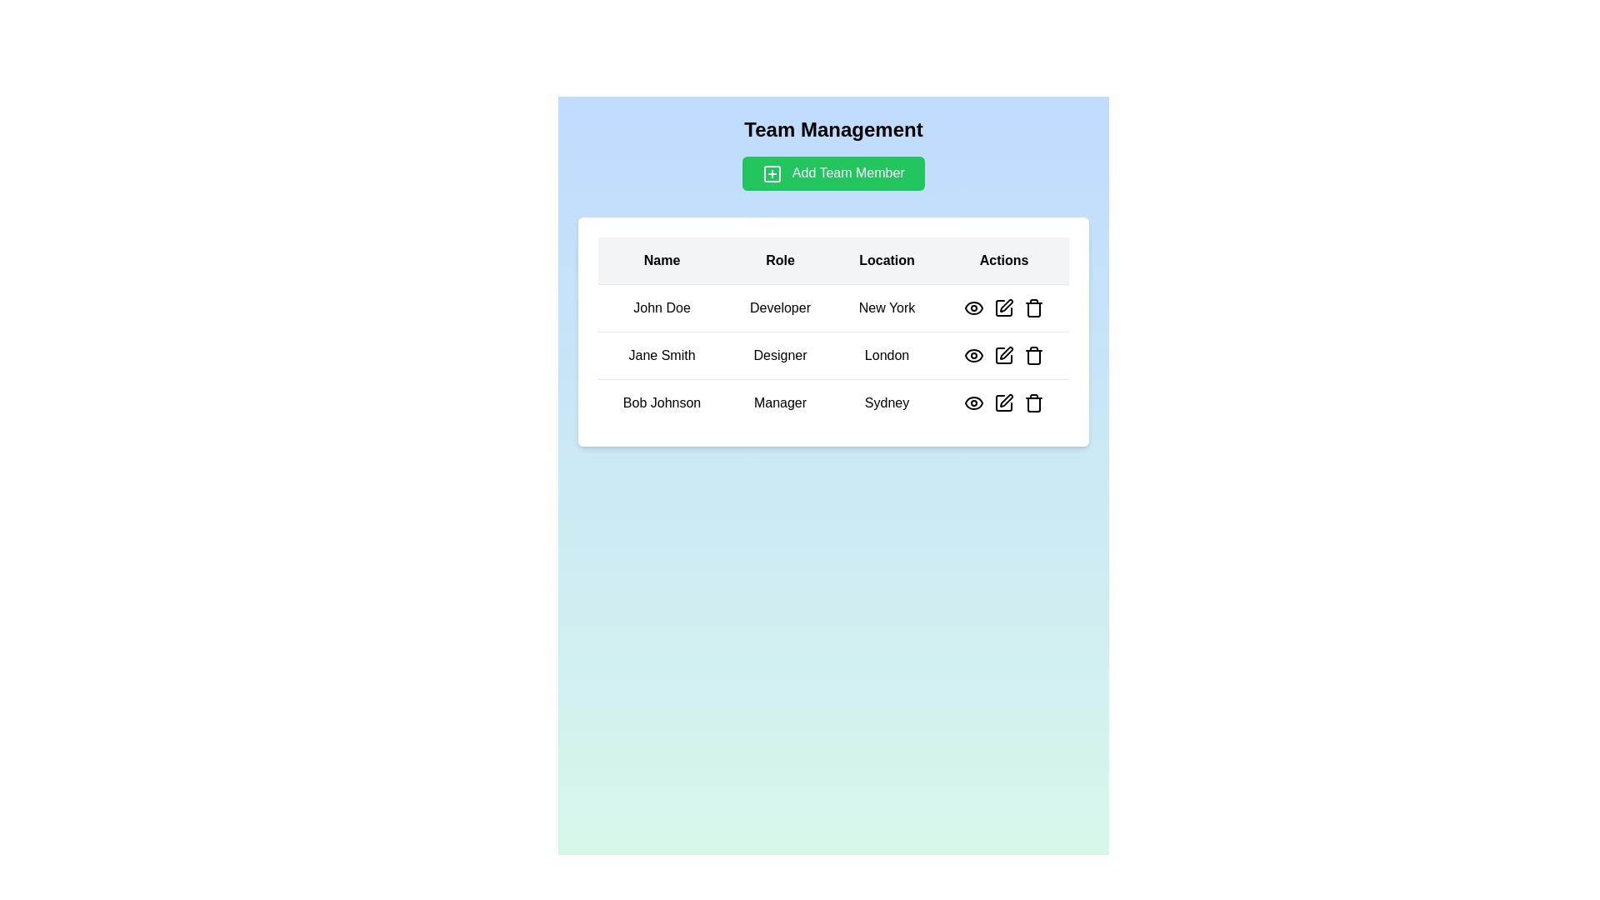 The height and width of the screenshot is (900, 1600). What do you see at coordinates (772, 173) in the screenshot?
I see `the small square icon with fully-rounded corners and a green background, which is positioned within the 'Add Team Member' button` at bounding box center [772, 173].